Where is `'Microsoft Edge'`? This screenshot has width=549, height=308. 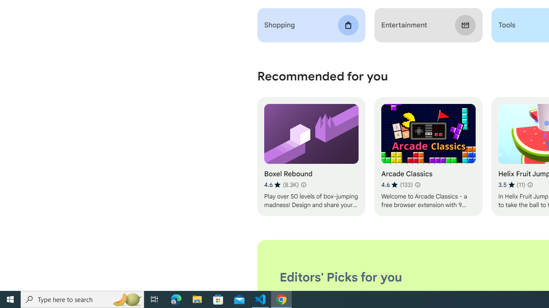
'Microsoft Edge' is located at coordinates (176, 299).